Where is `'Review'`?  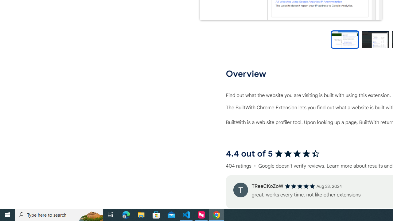 'Review' is located at coordinates (240, 189).